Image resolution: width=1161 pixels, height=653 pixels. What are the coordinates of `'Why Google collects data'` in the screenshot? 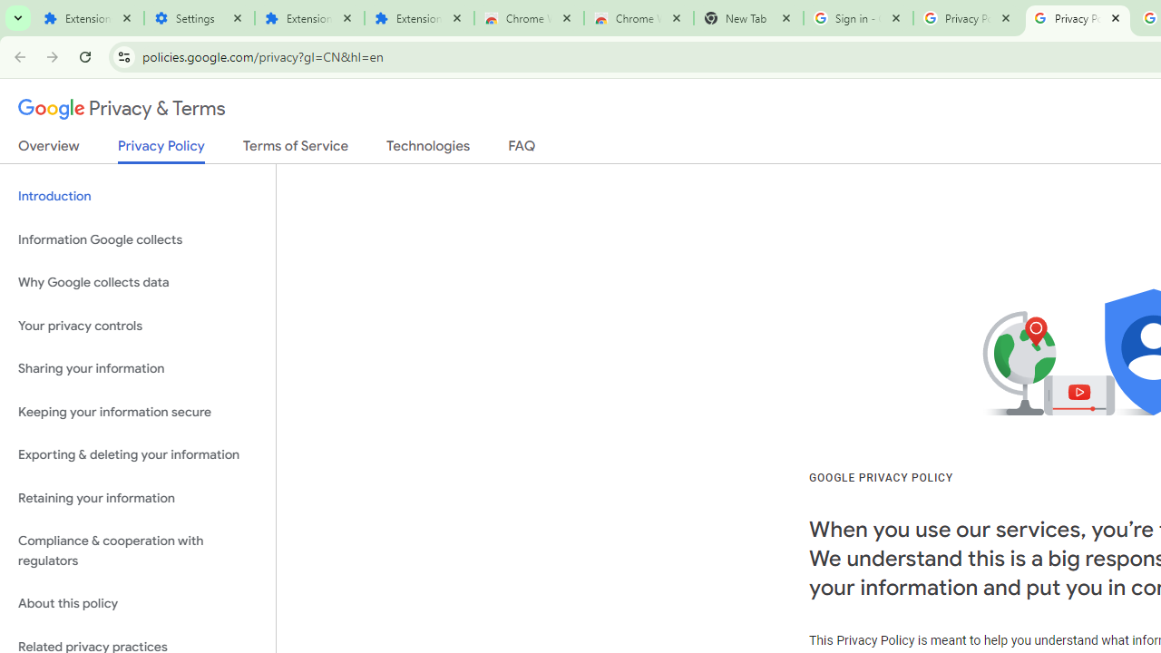 It's located at (137, 283).